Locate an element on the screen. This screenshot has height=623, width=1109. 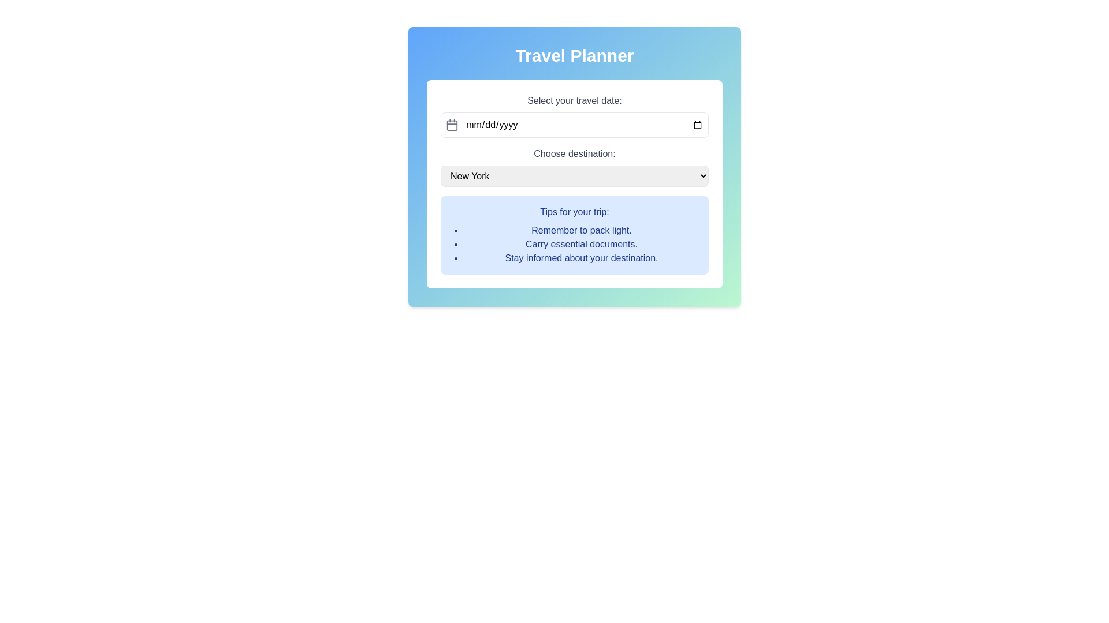
the text display element that contains the text 'Carry essential documents.' which is the second item in the list under 'Tips for your trip' is located at coordinates (582, 244).